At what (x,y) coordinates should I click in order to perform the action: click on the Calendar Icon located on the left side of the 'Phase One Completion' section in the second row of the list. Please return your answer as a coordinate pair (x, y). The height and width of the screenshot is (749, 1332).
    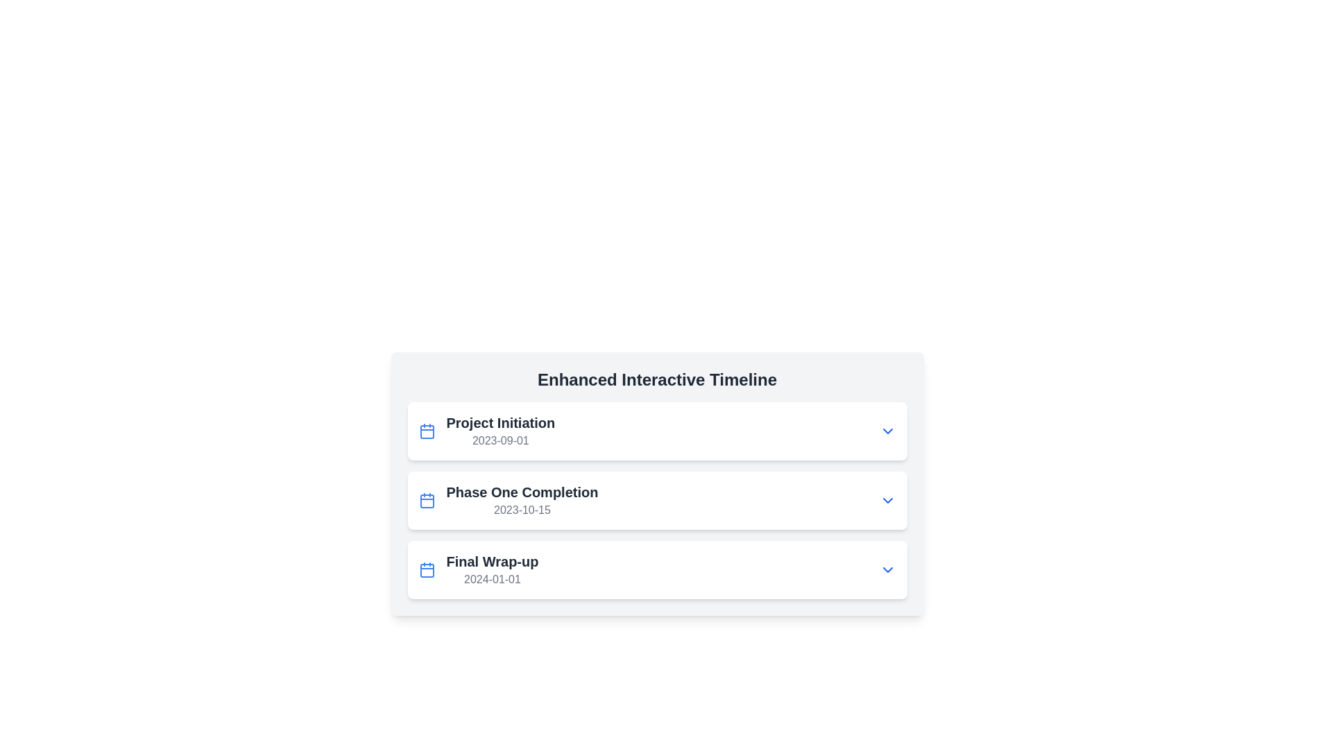
    Looking at the image, I should click on (426, 500).